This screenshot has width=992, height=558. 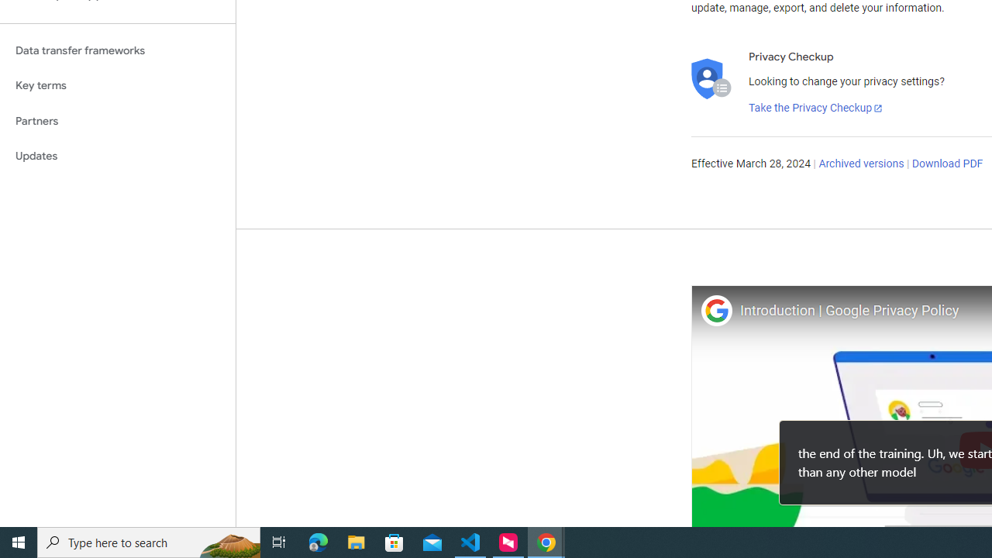 I want to click on 'Updates', so click(x=117, y=156).